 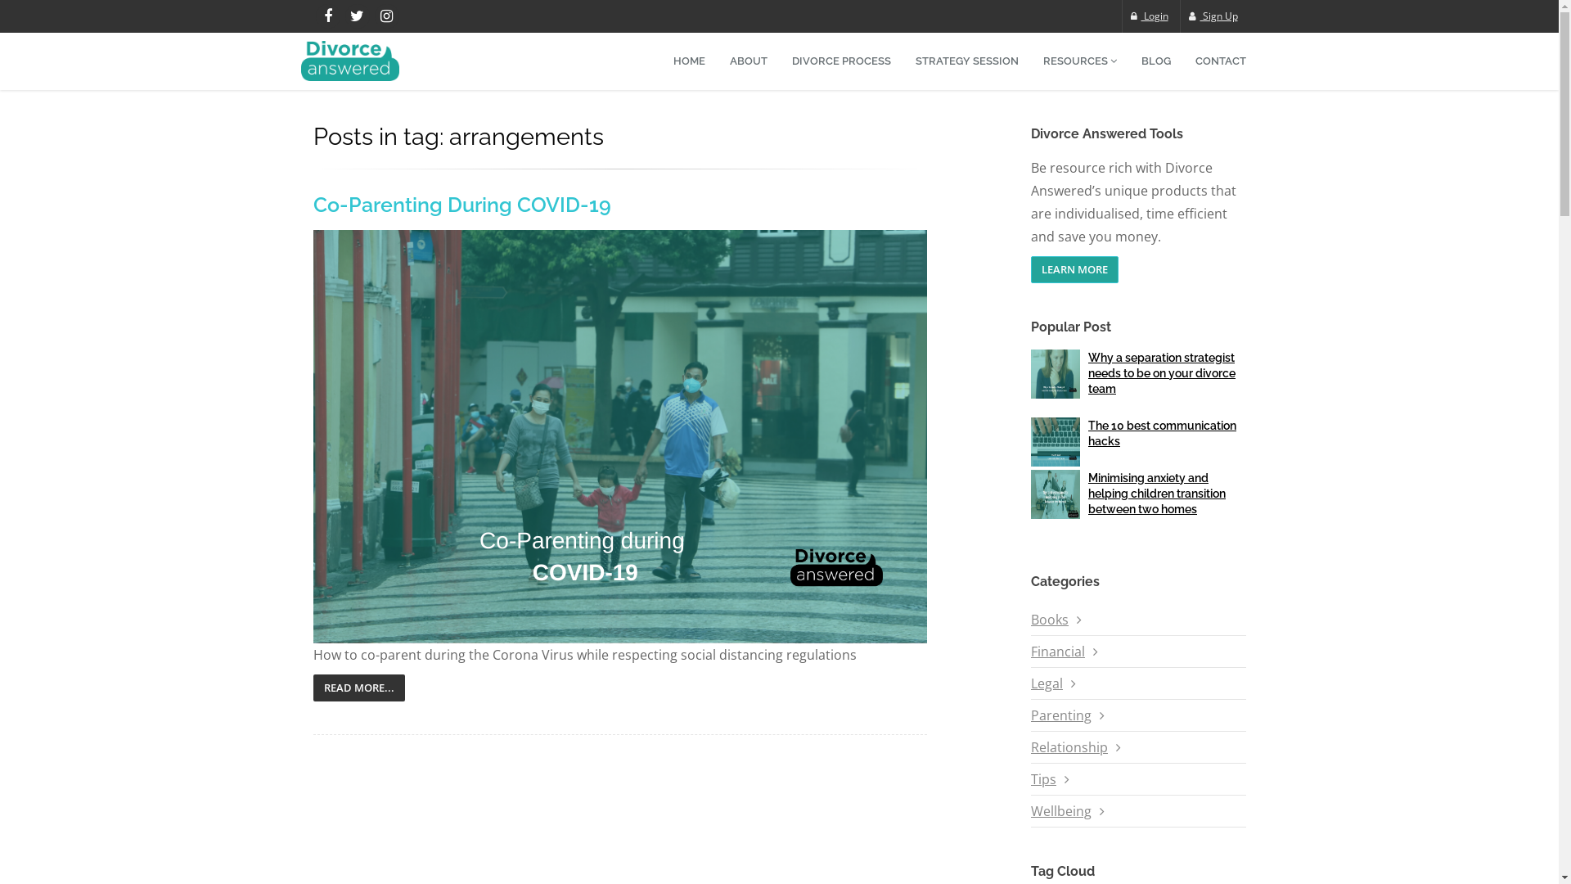 What do you see at coordinates (903, 60) in the screenshot?
I see `'STRATEGY SESSION'` at bounding box center [903, 60].